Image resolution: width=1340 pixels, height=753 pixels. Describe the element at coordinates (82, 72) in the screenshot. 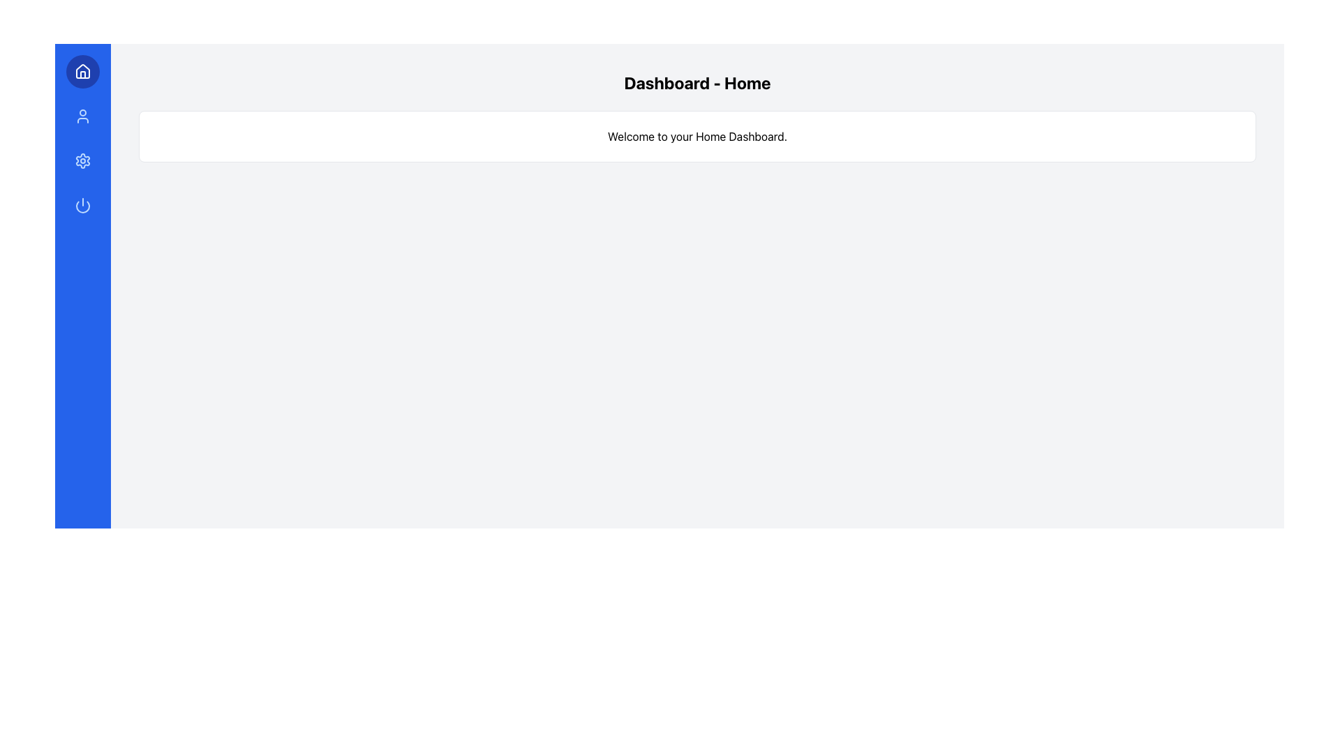

I see `the 'Home' button icon located in the left blue sidebar, which is the first in a vertically aligned set of navigation icons` at that location.